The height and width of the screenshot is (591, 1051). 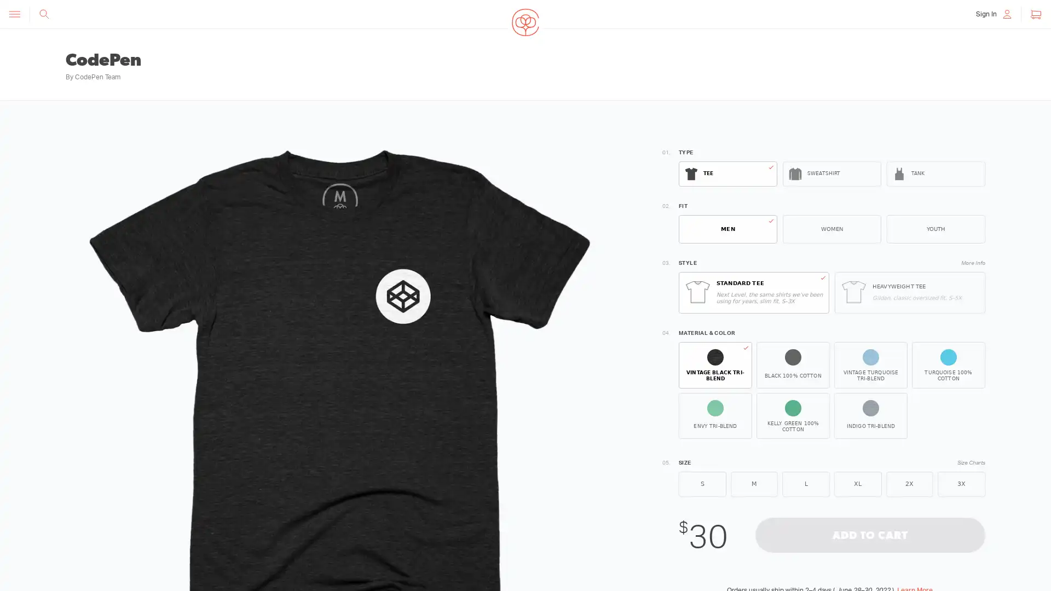 I want to click on ENVY TRI-BLEND, so click(x=715, y=415).